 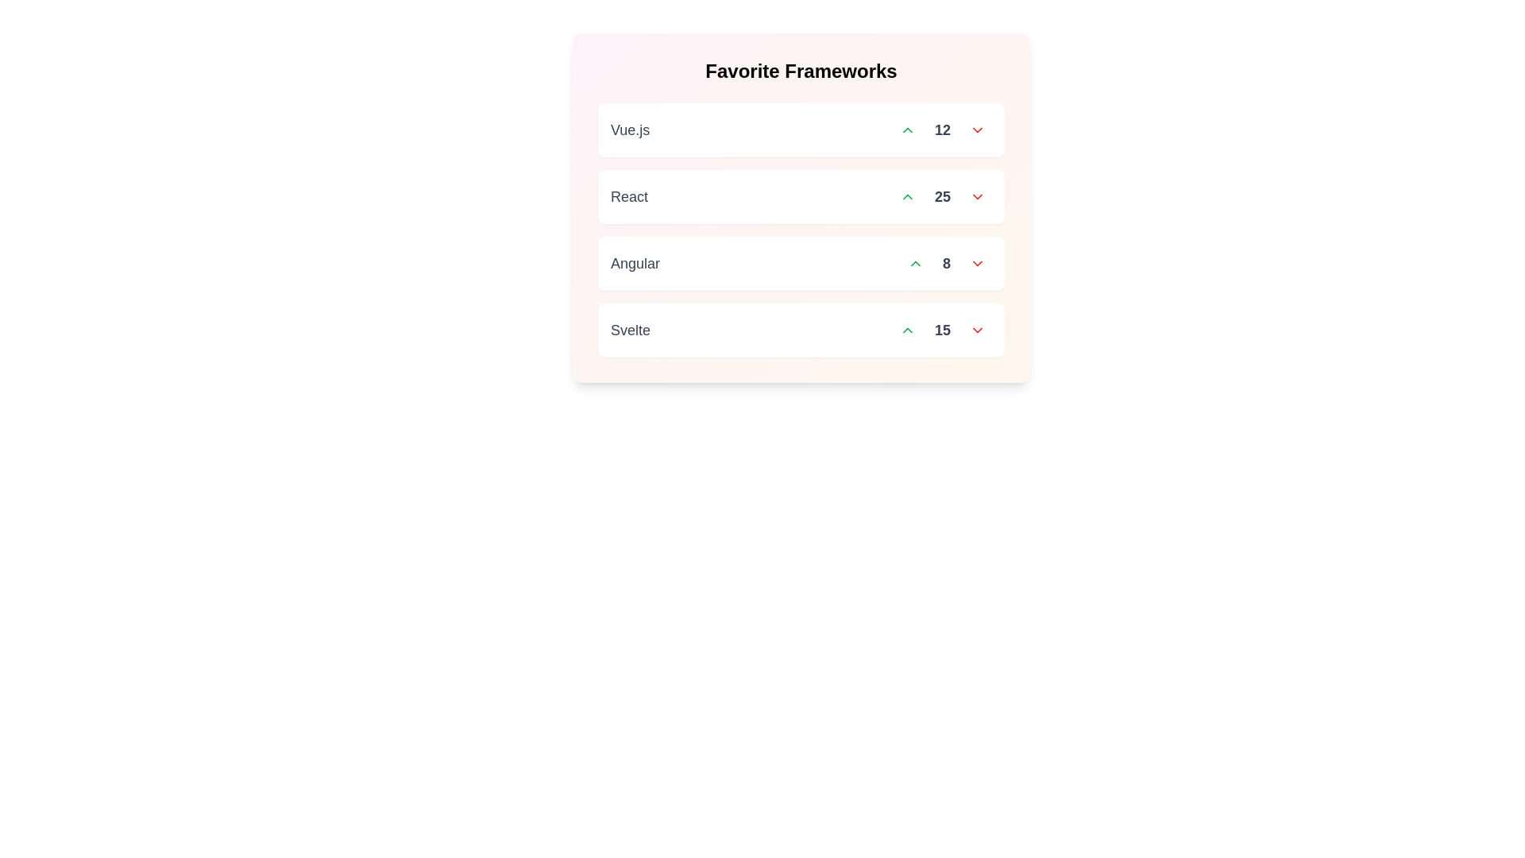 What do you see at coordinates (915, 262) in the screenshot?
I see `upvote button for the item Angular` at bounding box center [915, 262].